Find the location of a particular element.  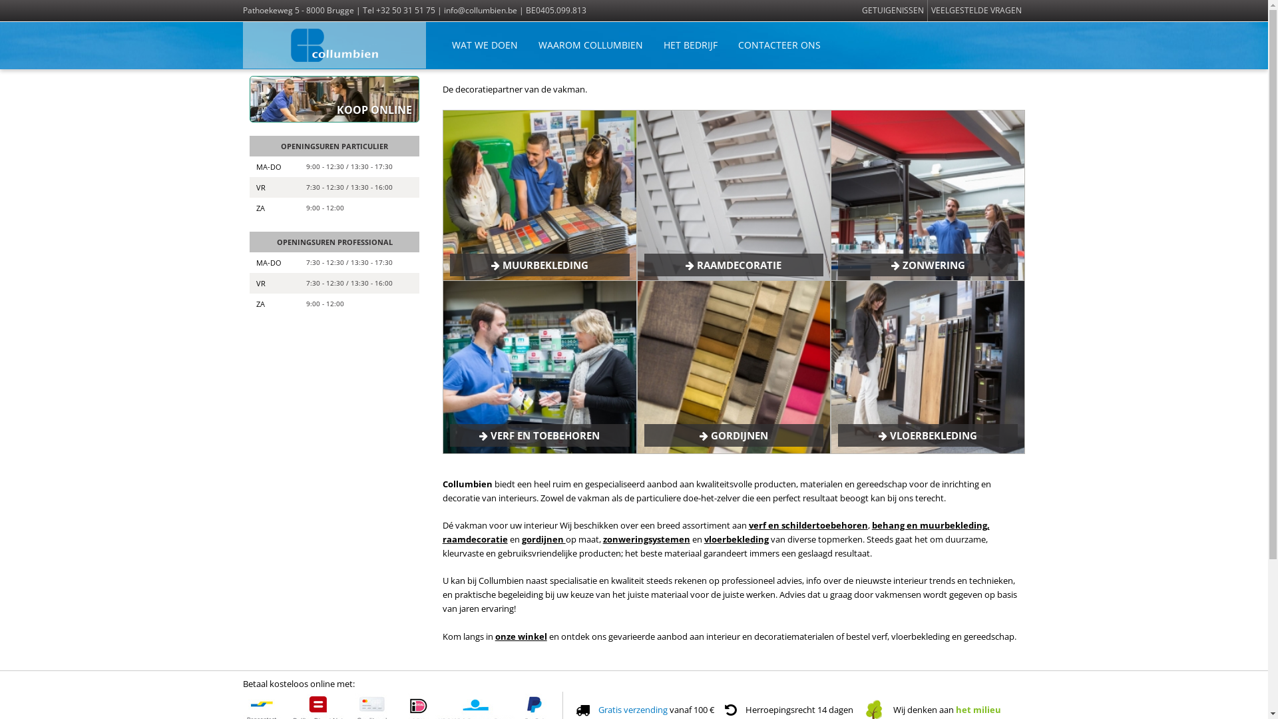

'GETUIGENISSEN' is located at coordinates (859, 10).